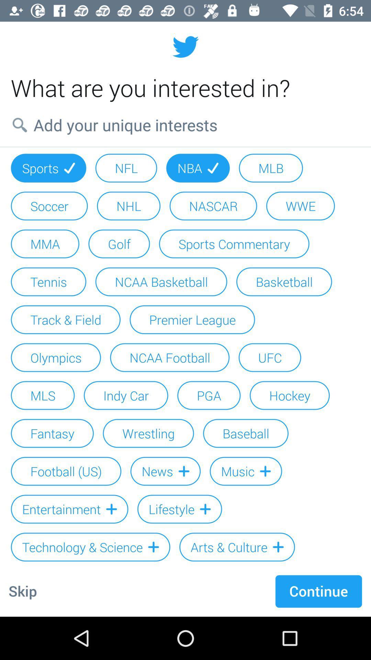  Describe the element at coordinates (170, 357) in the screenshot. I see `icon next to olympics icon` at that location.